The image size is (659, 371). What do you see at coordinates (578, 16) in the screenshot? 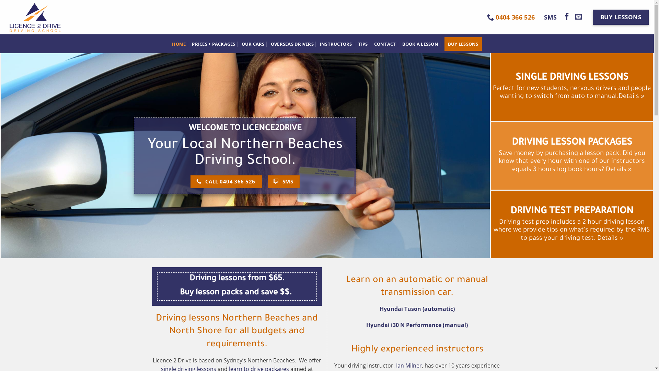
I see `'Send us an email'` at bounding box center [578, 16].